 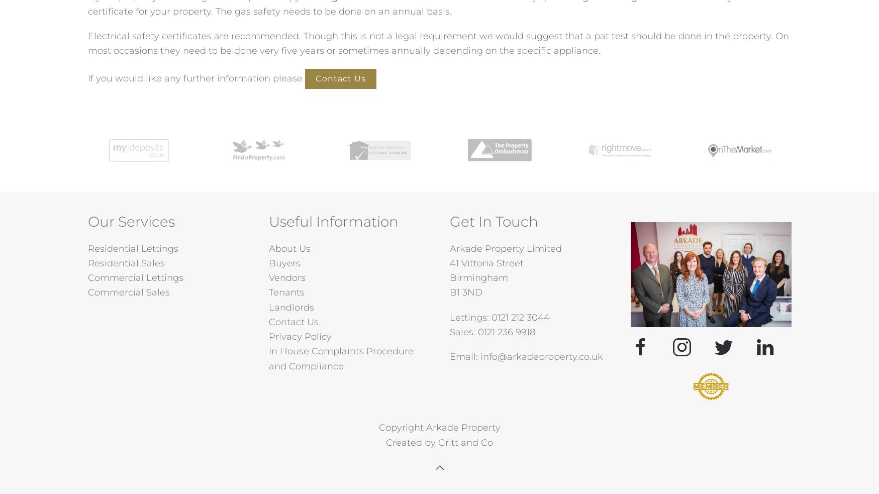 I want to click on 'Commercial Sales', so click(x=128, y=292).